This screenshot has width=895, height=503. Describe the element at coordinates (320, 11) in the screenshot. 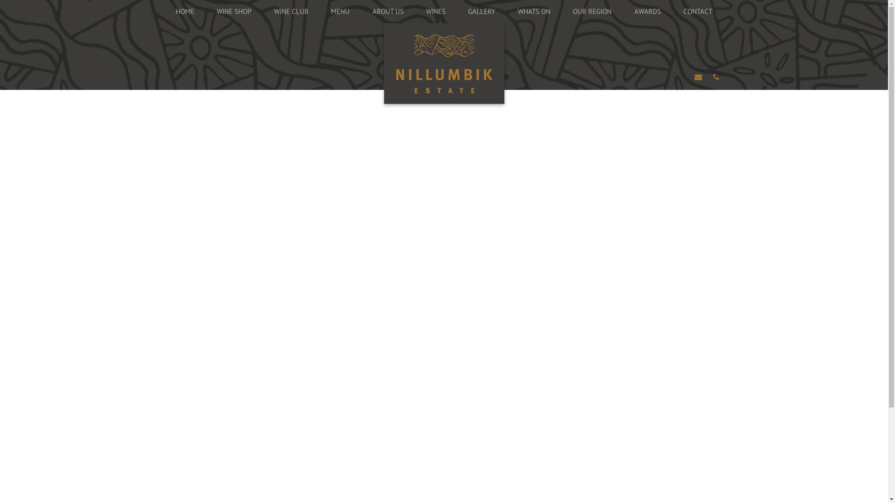

I see `'MENU'` at that location.